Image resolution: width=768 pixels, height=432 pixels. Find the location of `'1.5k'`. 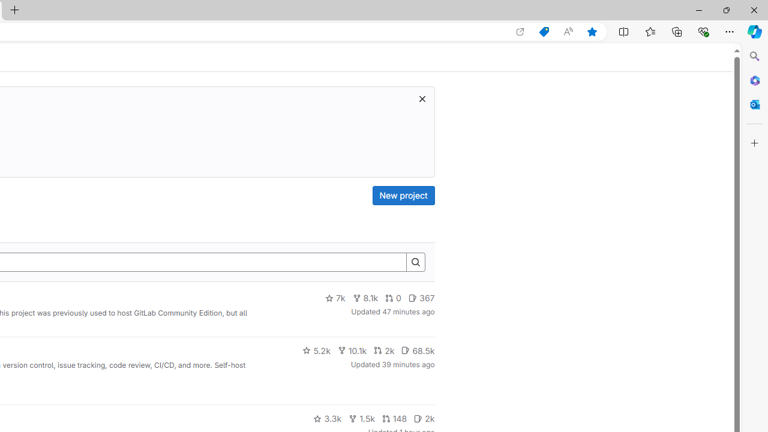

'1.5k' is located at coordinates (361, 418).